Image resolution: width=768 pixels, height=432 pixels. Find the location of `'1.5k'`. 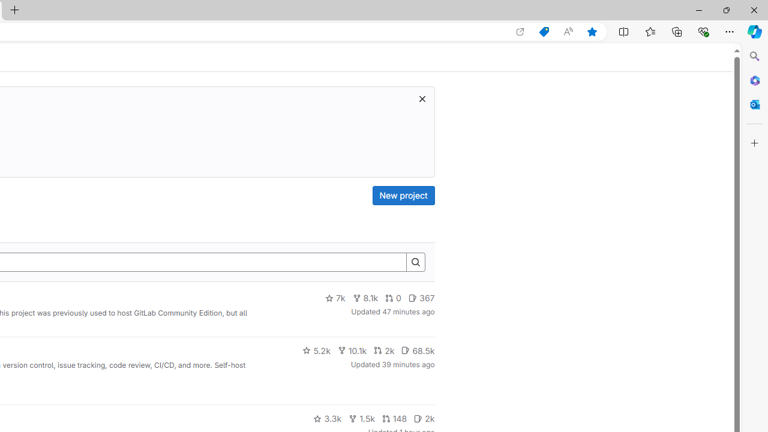

'1.5k' is located at coordinates (361, 418).